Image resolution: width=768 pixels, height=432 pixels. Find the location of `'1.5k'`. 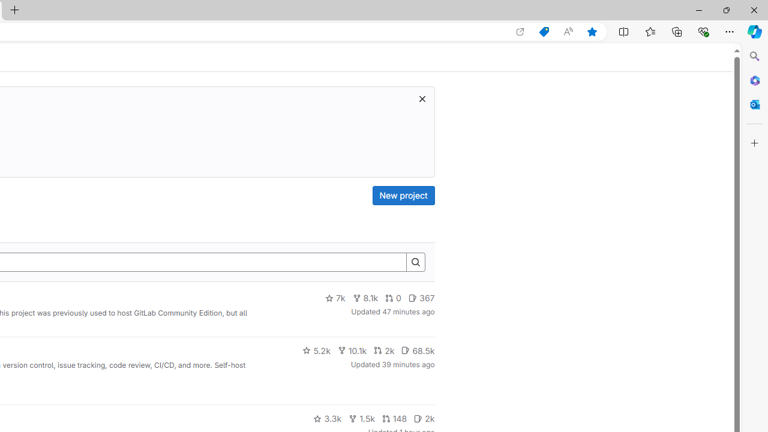

'1.5k' is located at coordinates (361, 418).